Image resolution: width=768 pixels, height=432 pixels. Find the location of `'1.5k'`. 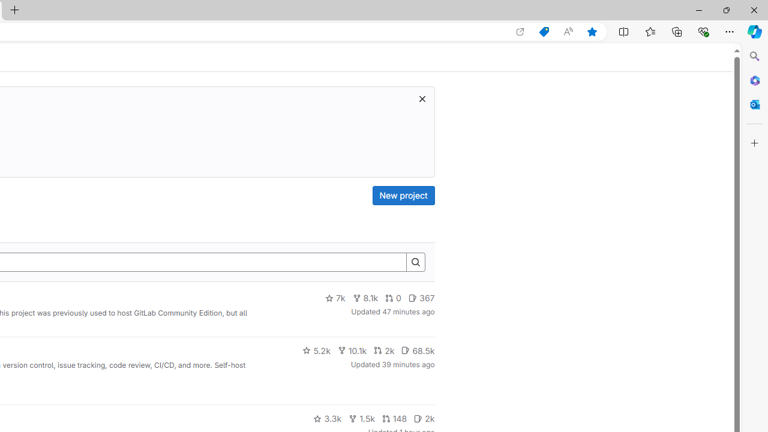

'1.5k' is located at coordinates (361, 418).